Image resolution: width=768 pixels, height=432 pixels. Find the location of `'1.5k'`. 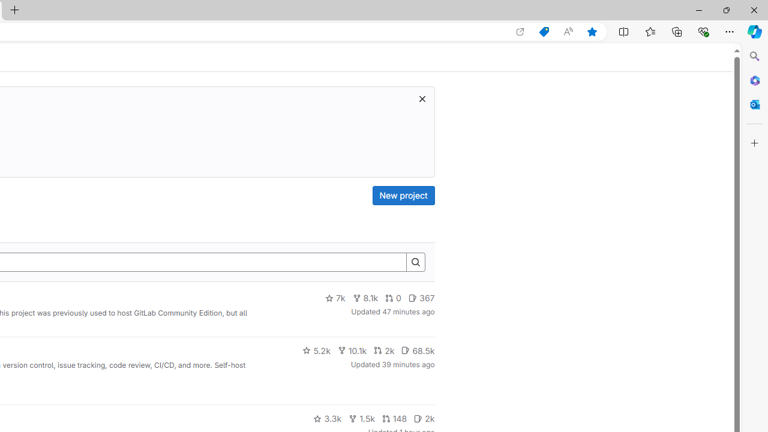

'1.5k' is located at coordinates (361, 418).